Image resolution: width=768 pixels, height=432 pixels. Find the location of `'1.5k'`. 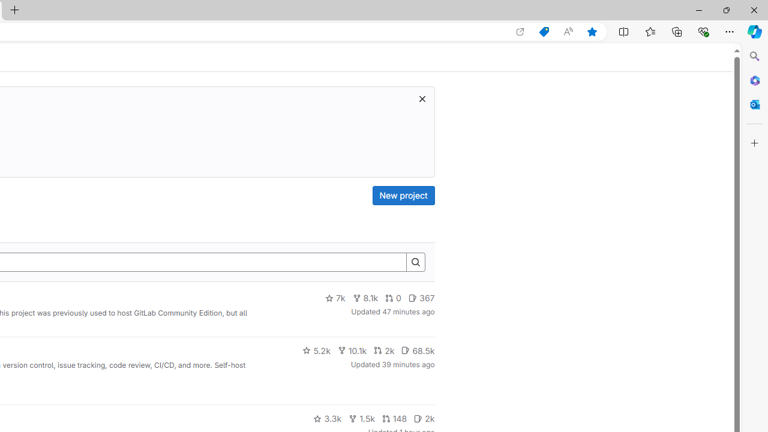

'1.5k' is located at coordinates (361, 418).